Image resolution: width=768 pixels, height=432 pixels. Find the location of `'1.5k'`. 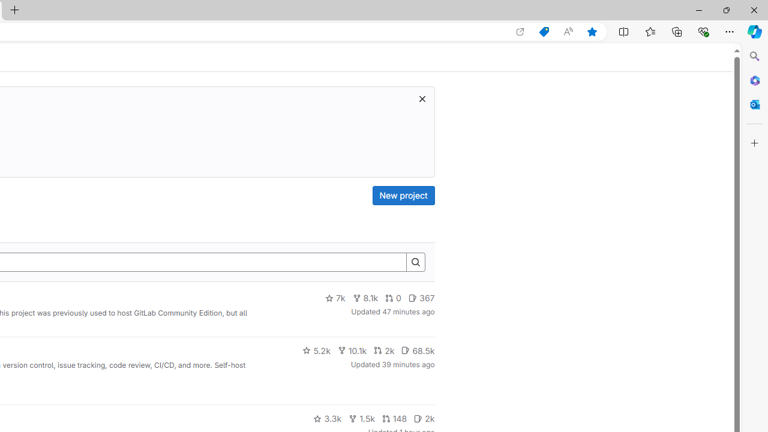

'1.5k' is located at coordinates (361, 418).